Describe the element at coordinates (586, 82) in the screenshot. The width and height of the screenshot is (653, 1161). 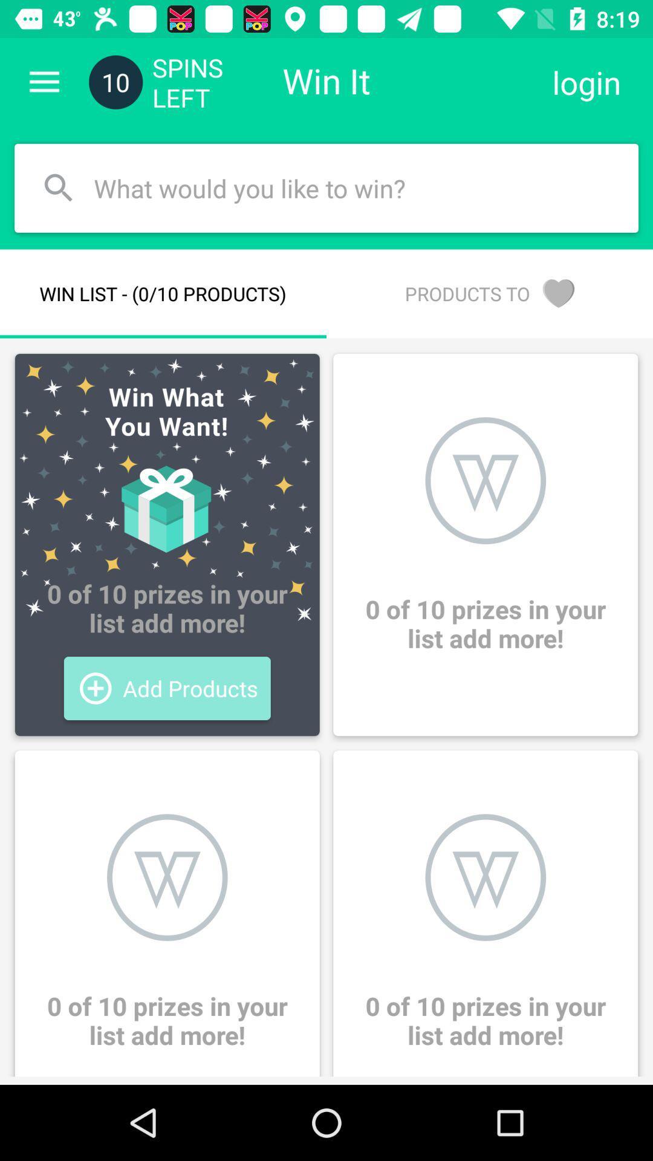
I see `item next to win it item` at that location.